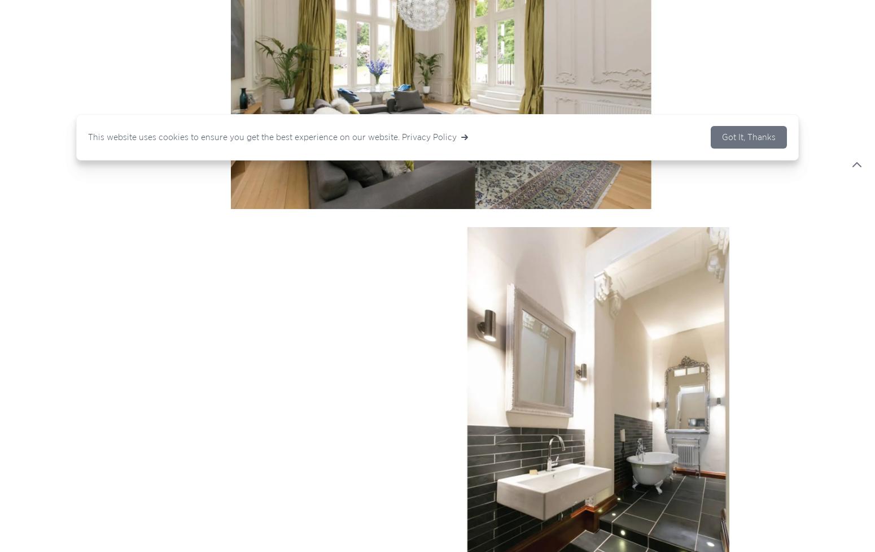  What do you see at coordinates (378, 370) in the screenshot?
I see `'Terms & Conditions'` at bounding box center [378, 370].